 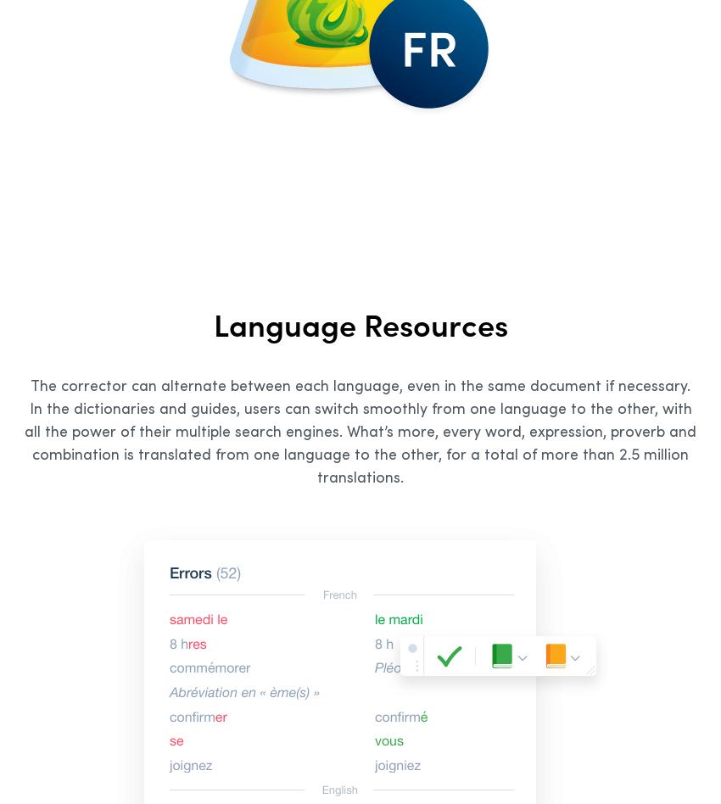 I want to click on 'Documentation', so click(x=261, y=426).